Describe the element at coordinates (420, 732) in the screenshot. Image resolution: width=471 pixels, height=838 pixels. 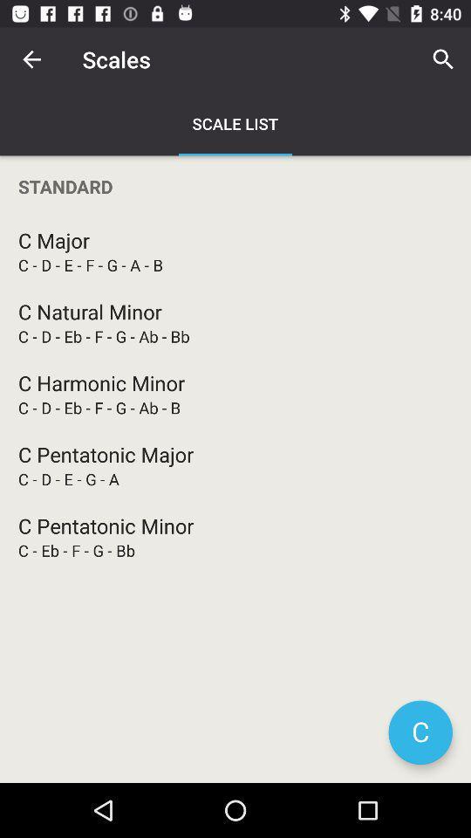
I see `item at the bottom right corner` at that location.